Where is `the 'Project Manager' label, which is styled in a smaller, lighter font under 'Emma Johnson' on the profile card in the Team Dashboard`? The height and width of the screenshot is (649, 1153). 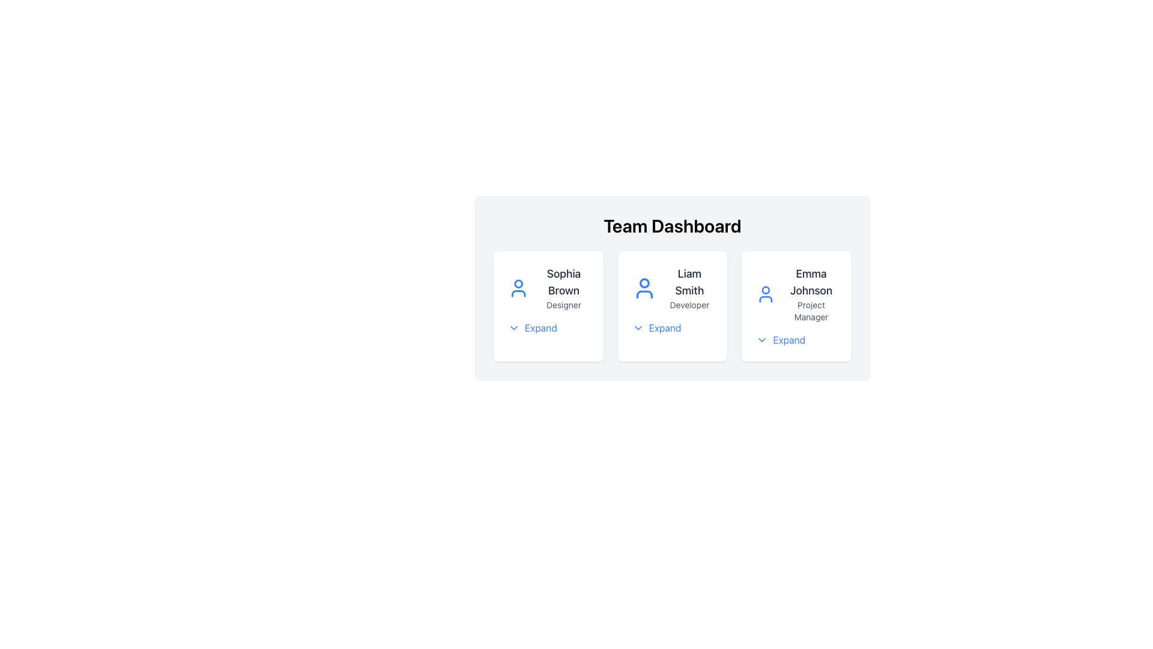 the 'Project Manager' label, which is styled in a smaller, lighter font under 'Emma Johnson' on the profile card in the Team Dashboard is located at coordinates (811, 310).